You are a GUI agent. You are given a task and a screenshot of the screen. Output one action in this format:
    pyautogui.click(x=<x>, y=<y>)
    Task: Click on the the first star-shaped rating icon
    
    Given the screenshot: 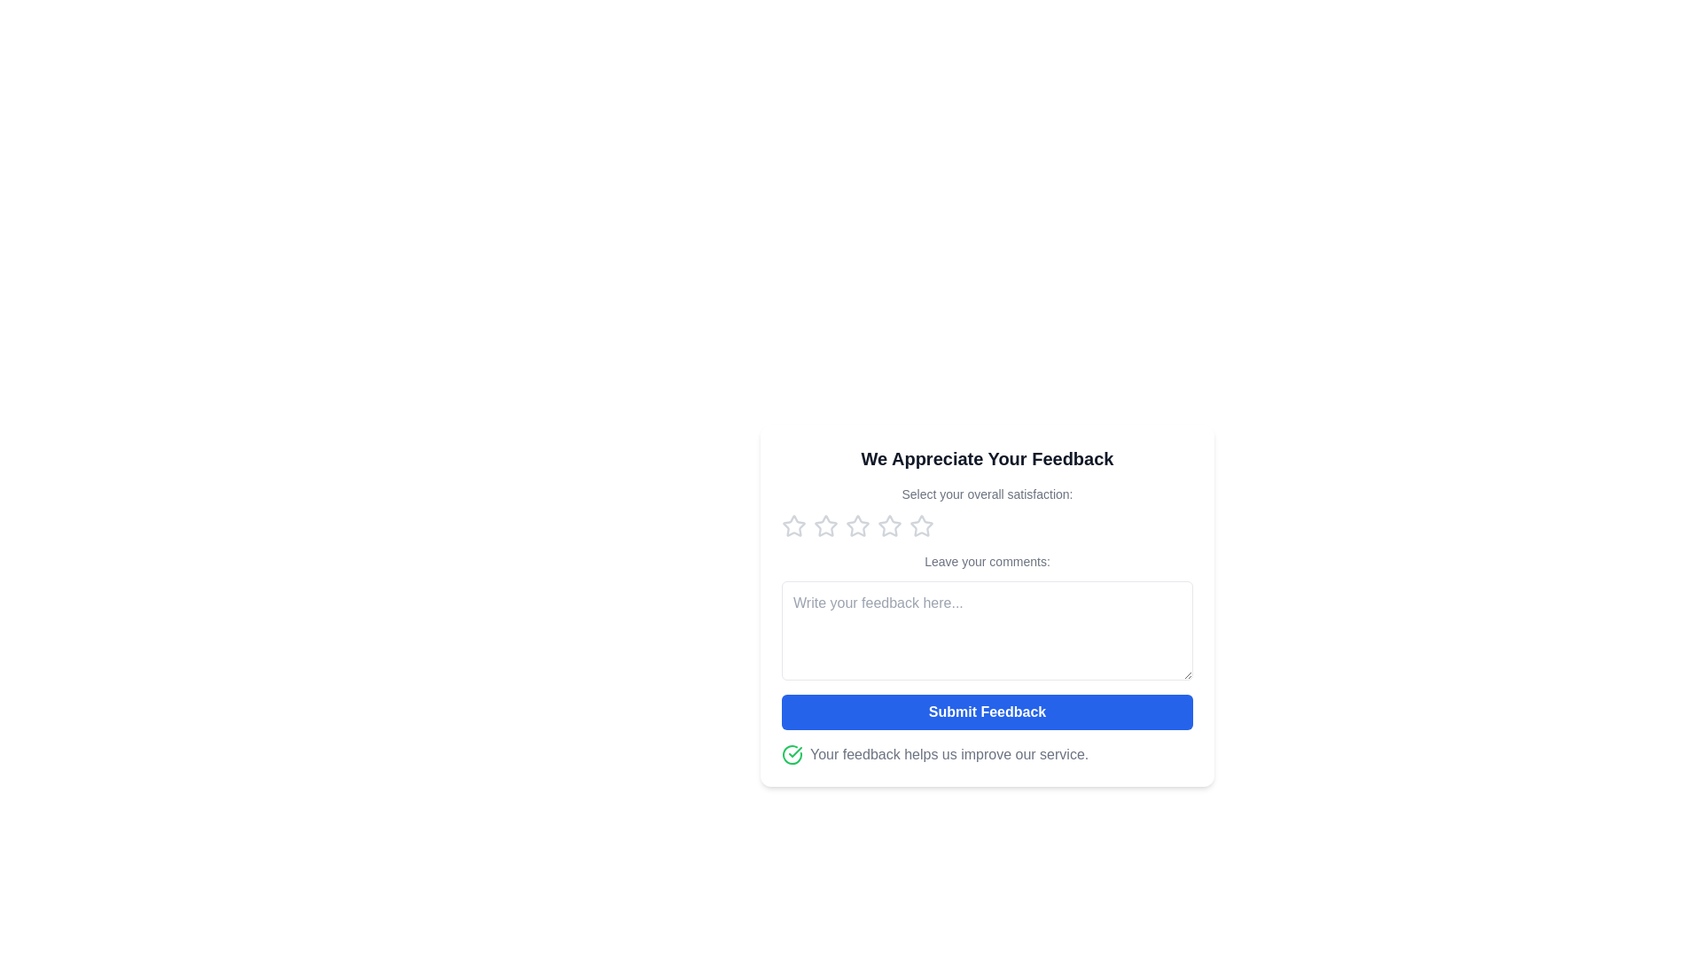 What is the action you would take?
    pyautogui.click(x=793, y=525)
    